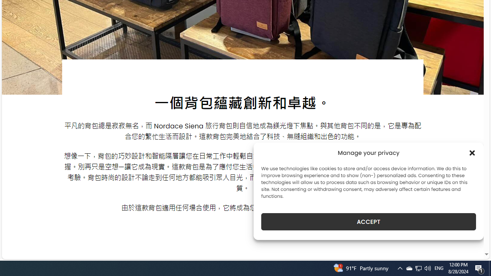 The width and height of the screenshot is (491, 276). I want to click on 'ACCEPT', so click(369, 222).